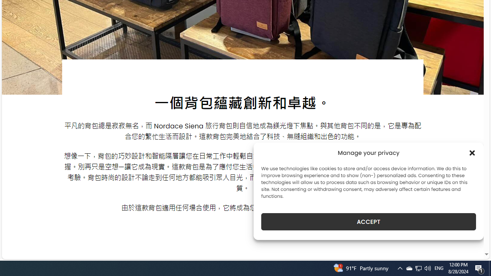 The width and height of the screenshot is (491, 276). I want to click on 'ACCEPT', so click(369, 222).